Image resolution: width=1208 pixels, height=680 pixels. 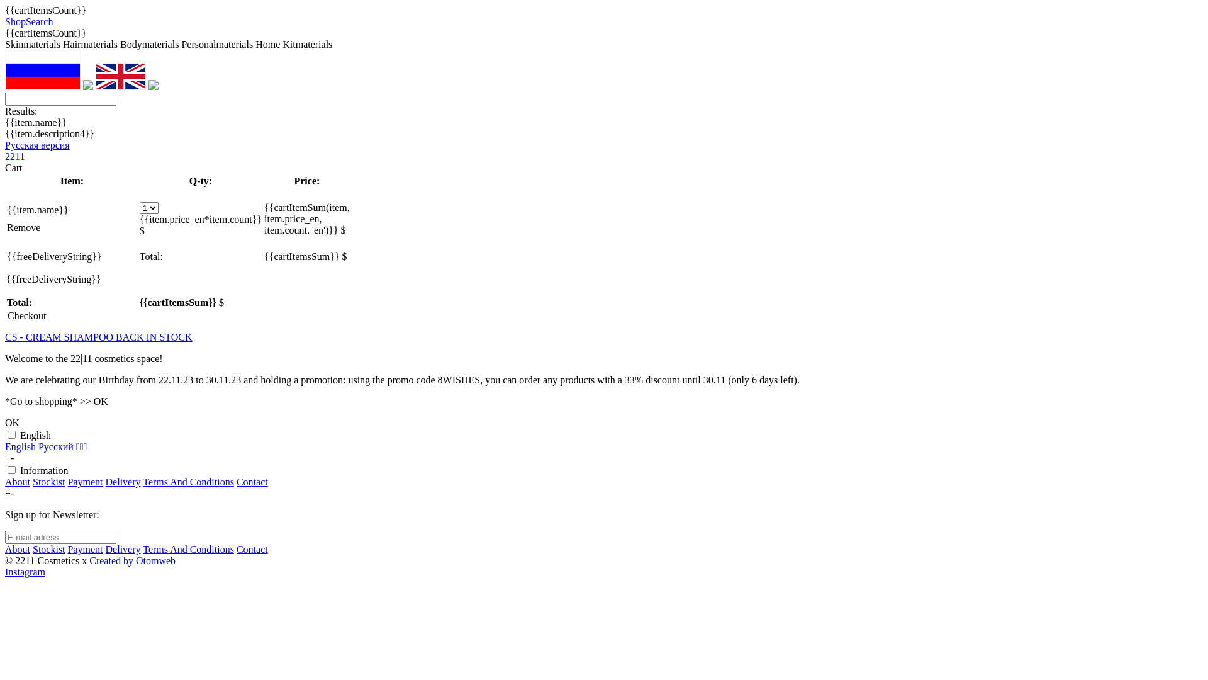 I want to click on 'Shop', so click(x=15, y=21).